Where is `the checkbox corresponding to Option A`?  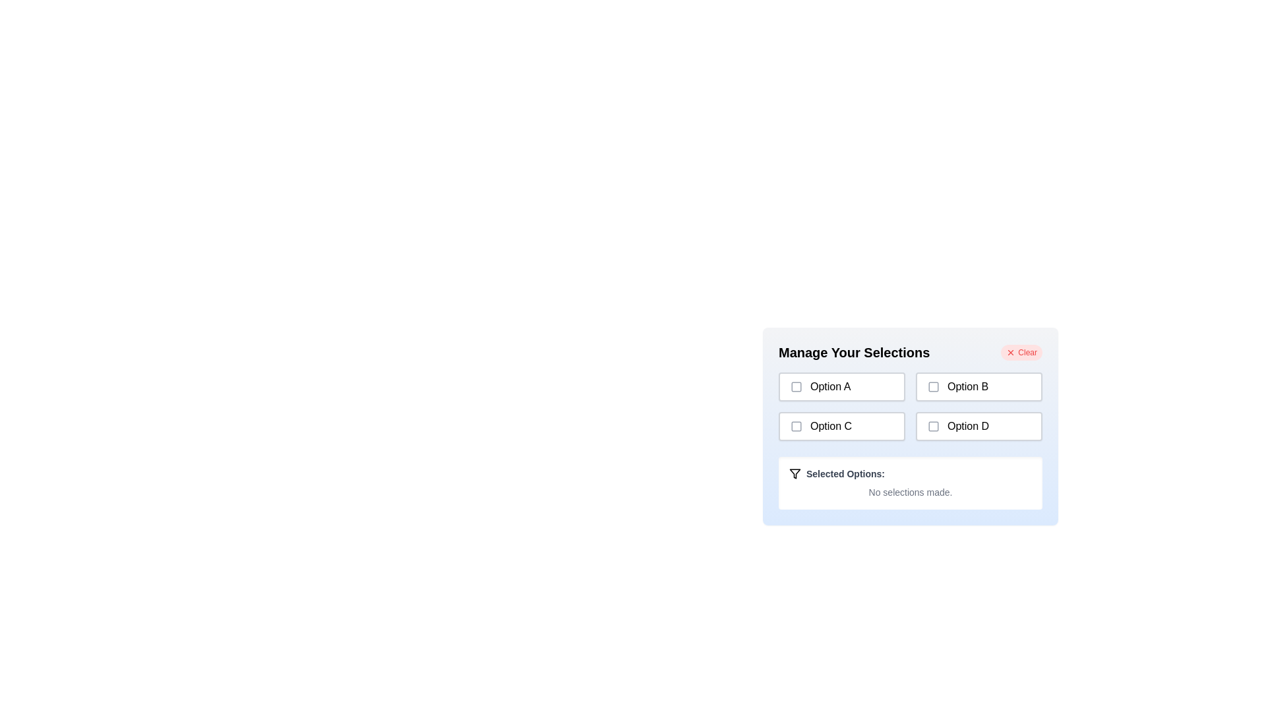
the checkbox corresponding to Option A is located at coordinates (796, 386).